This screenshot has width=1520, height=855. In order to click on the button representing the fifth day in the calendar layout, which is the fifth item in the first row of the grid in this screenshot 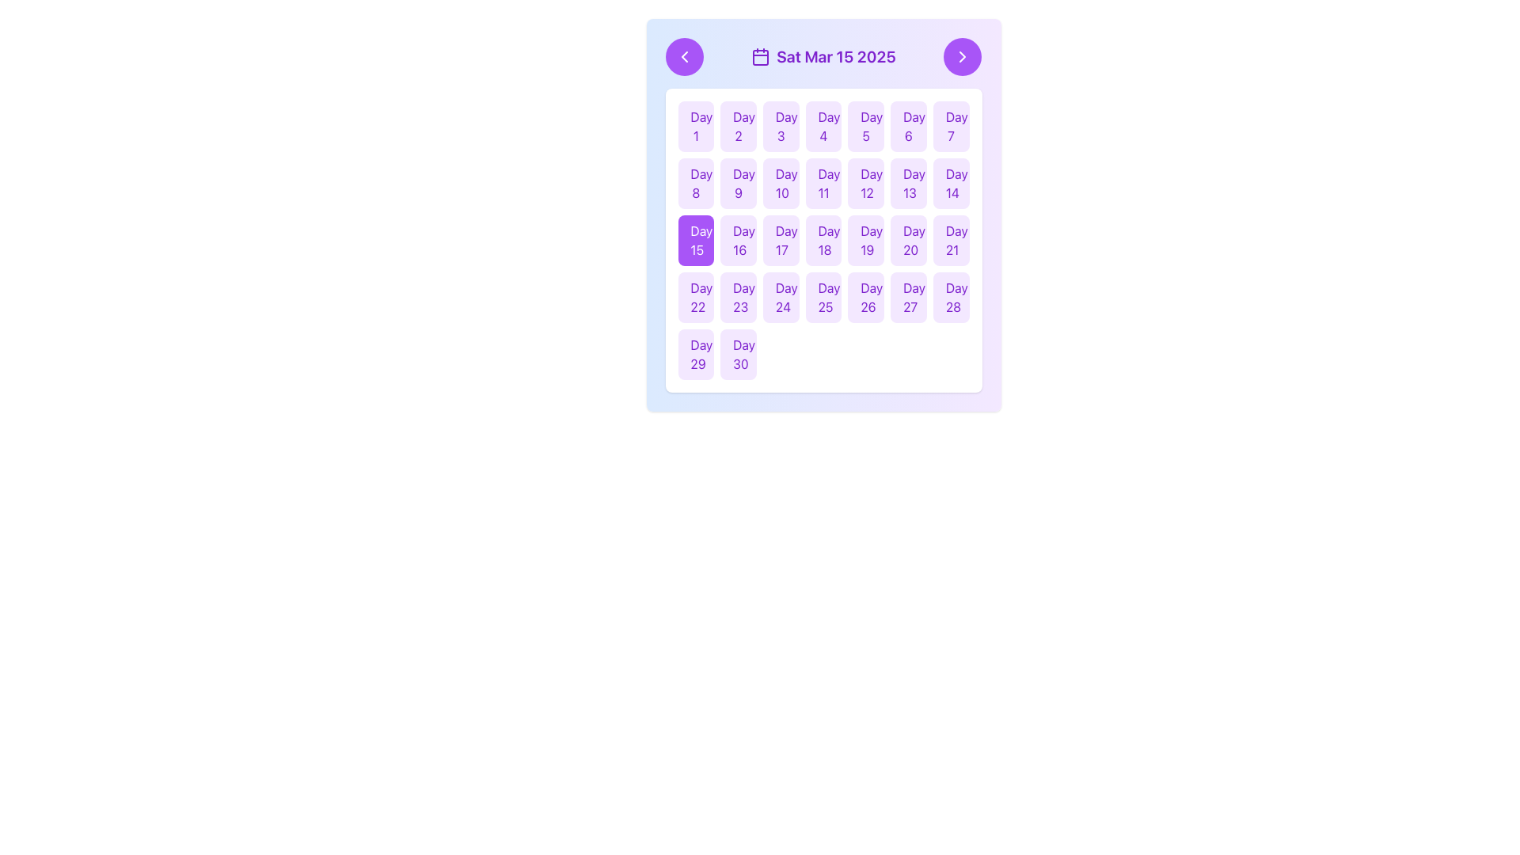, I will do `click(865, 125)`.